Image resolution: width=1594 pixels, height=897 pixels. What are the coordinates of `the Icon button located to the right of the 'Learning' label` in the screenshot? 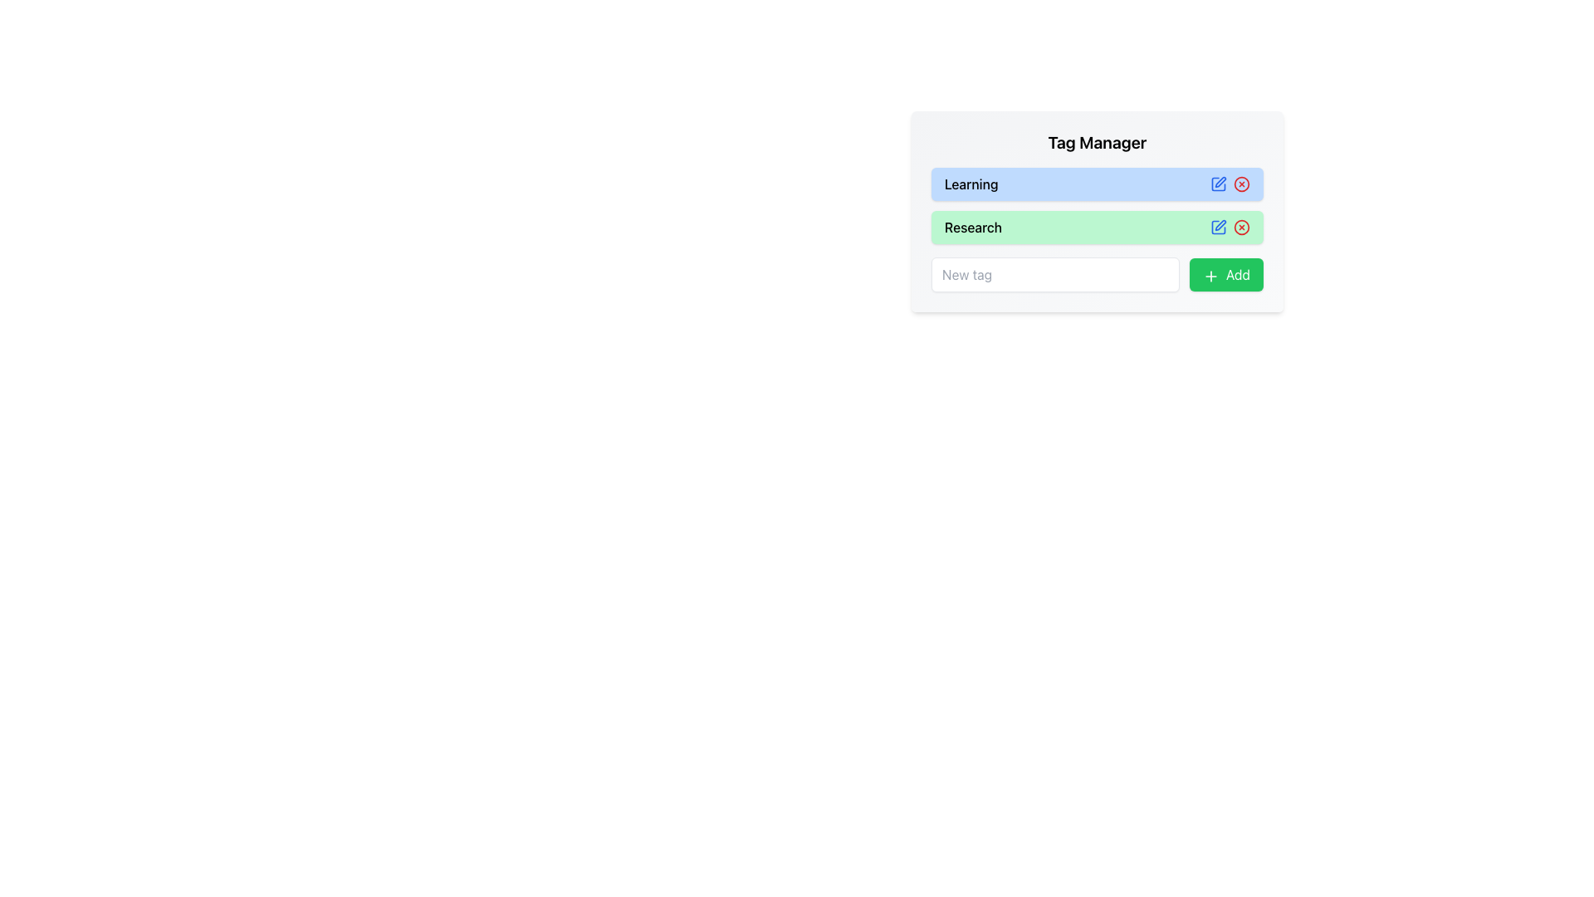 It's located at (1219, 184).